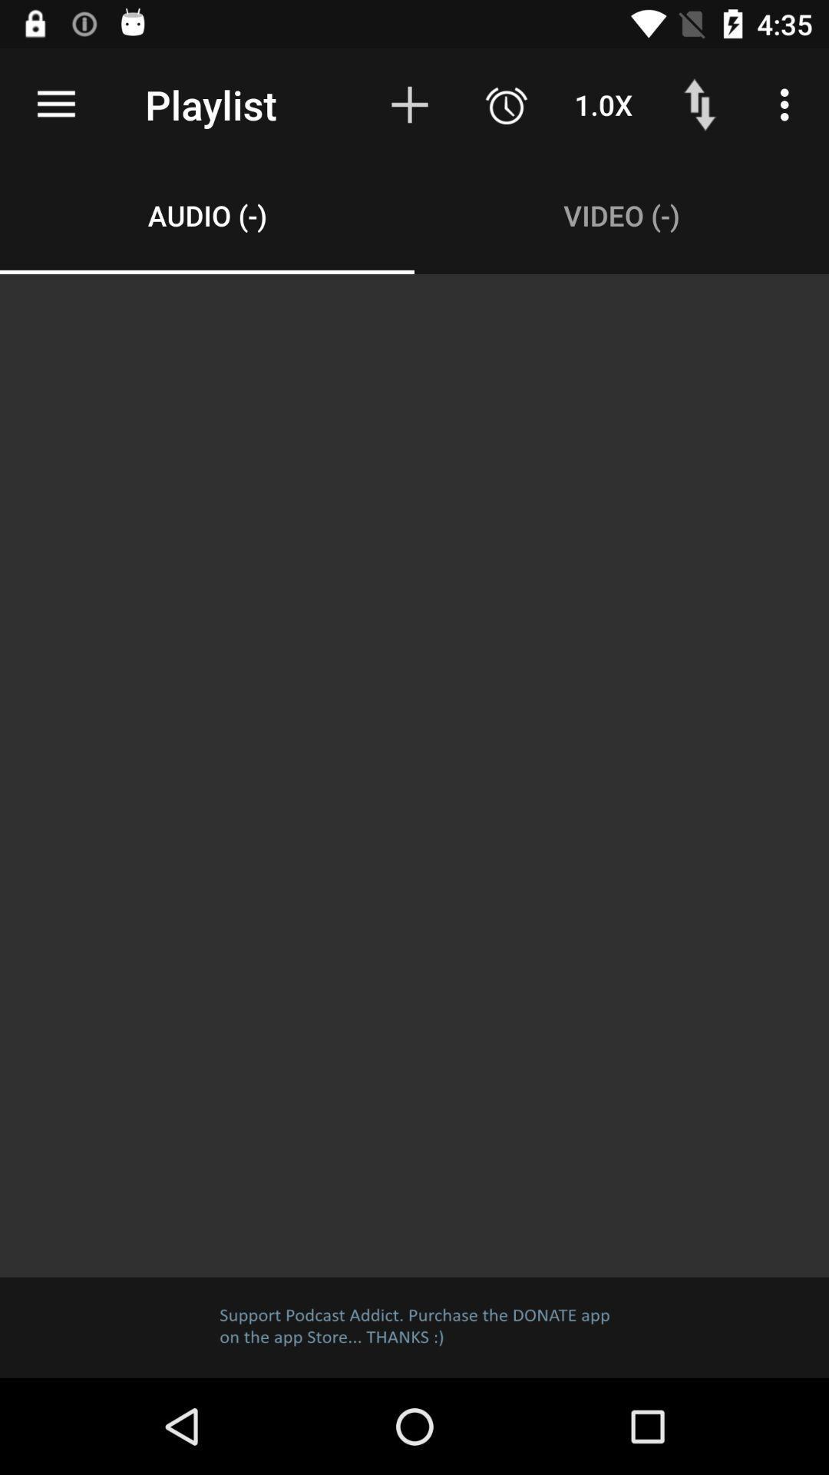  Describe the element at coordinates (55, 104) in the screenshot. I see `the icon above audio (-) item` at that location.